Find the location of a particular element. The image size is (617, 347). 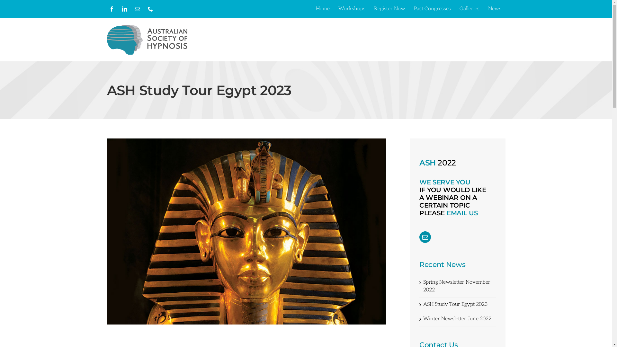

'Past Congresses' is located at coordinates (432, 9).